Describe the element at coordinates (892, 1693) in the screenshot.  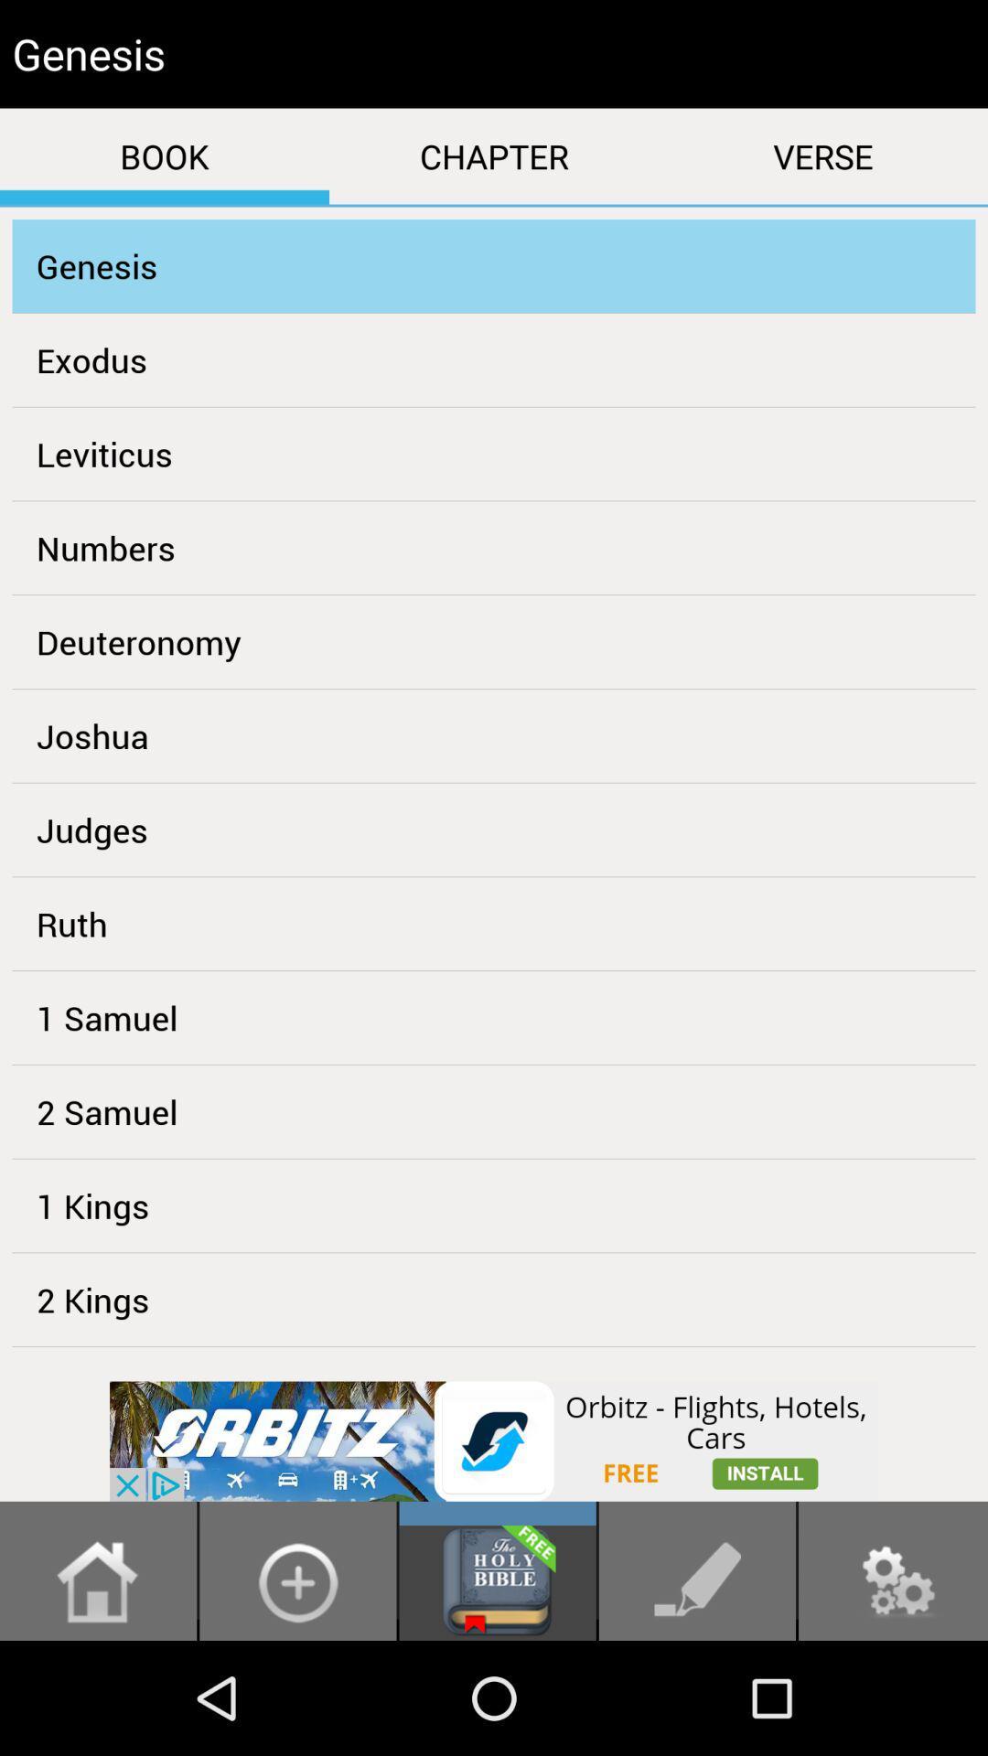
I see `the settings icon` at that location.